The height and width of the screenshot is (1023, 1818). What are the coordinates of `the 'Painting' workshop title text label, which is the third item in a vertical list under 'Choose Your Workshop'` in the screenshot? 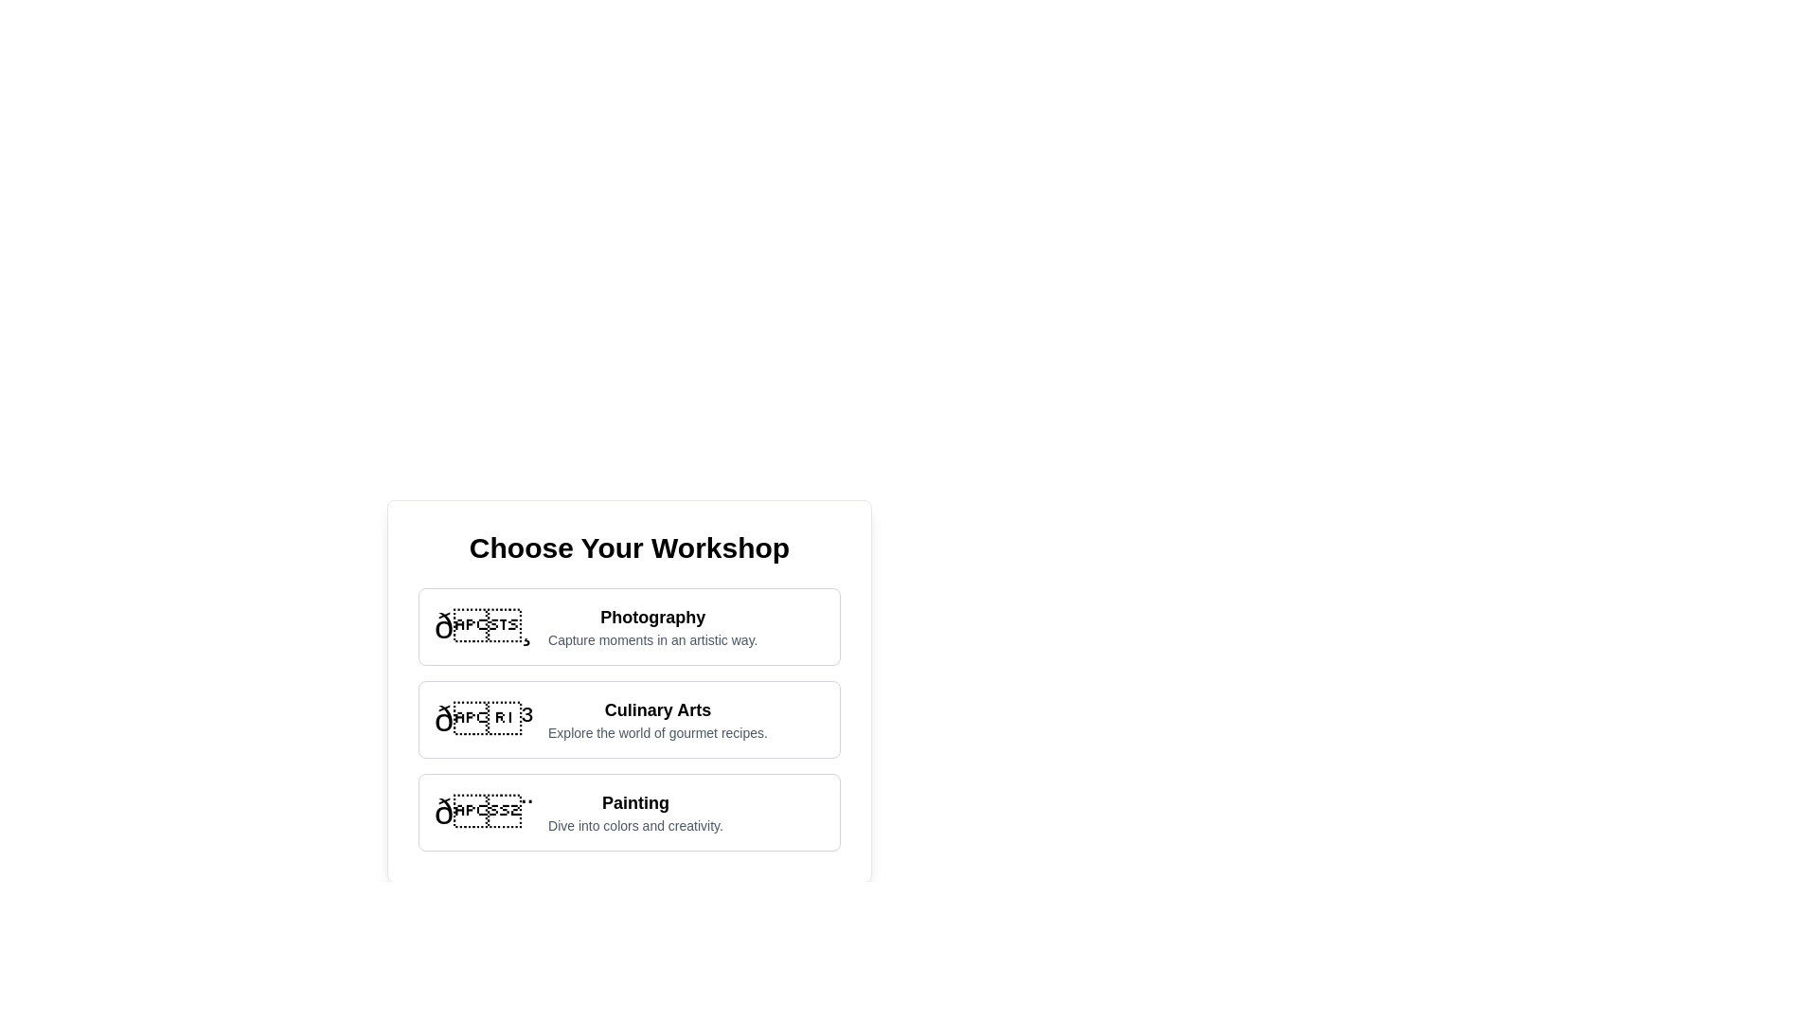 It's located at (635, 803).